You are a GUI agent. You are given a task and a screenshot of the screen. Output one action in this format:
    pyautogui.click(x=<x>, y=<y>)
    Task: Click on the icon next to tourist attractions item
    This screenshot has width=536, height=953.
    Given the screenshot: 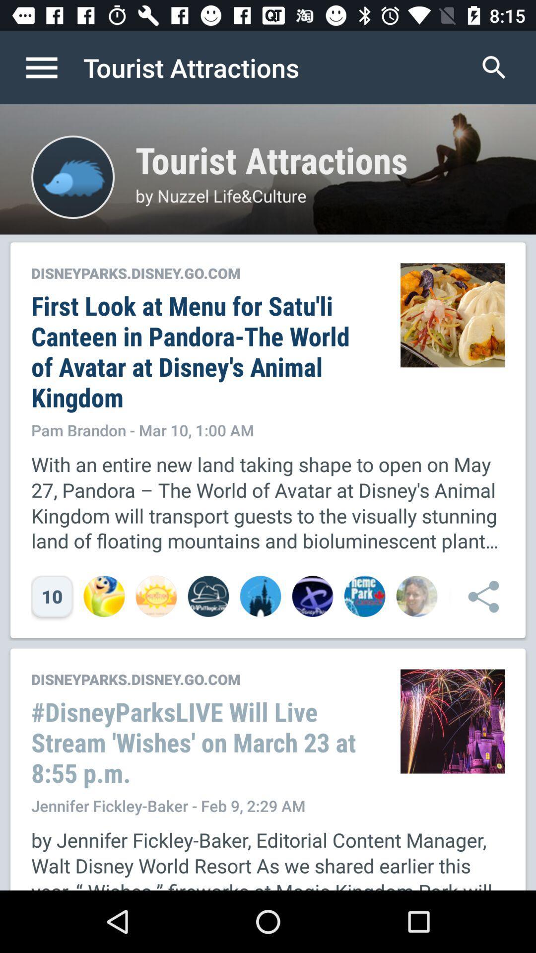 What is the action you would take?
    pyautogui.click(x=52, y=67)
    